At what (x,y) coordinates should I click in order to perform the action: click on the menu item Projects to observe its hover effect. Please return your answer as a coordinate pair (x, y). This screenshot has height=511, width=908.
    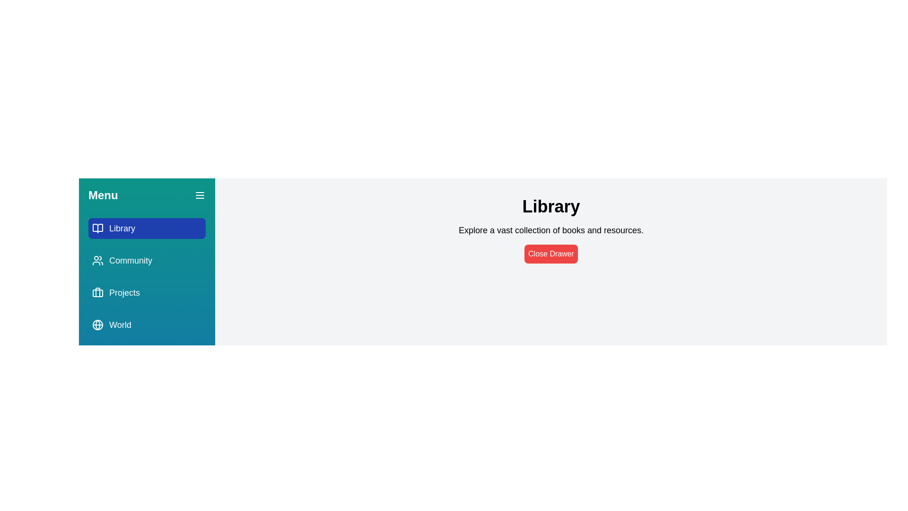
    Looking at the image, I should click on (147, 292).